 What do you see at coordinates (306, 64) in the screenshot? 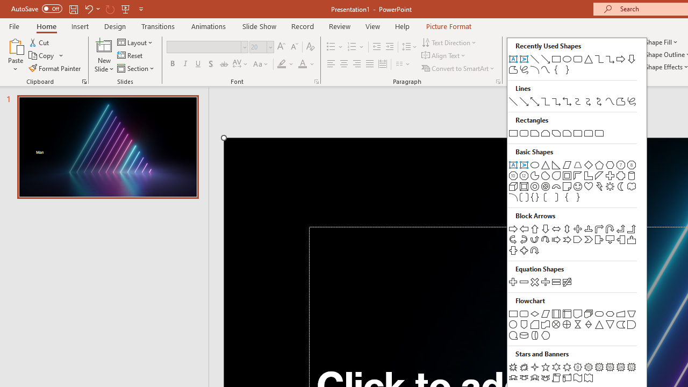
I see `'Font Color'` at bounding box center [306, 64].